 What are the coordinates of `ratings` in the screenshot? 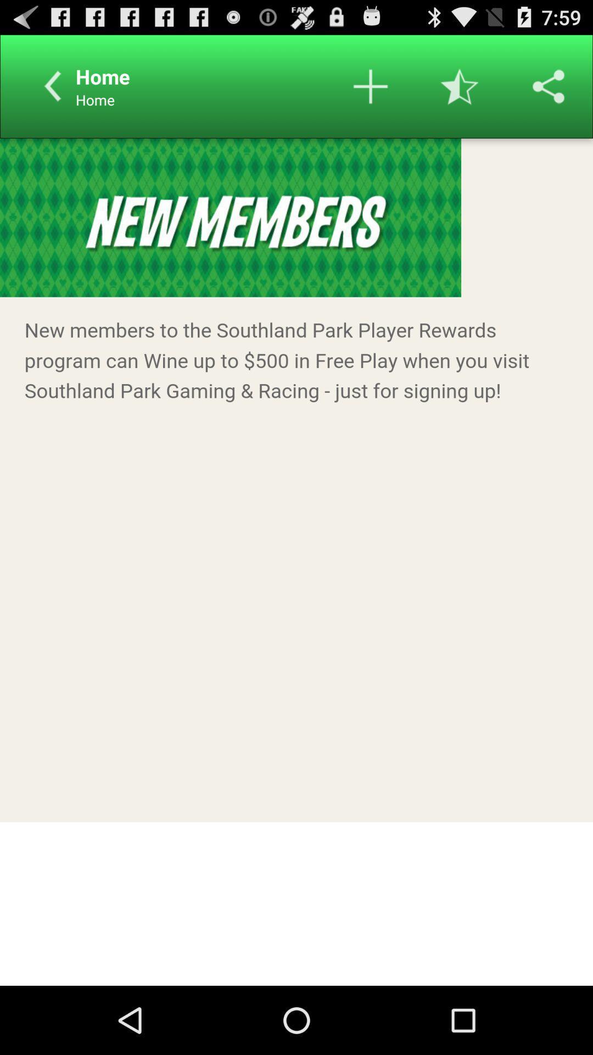 It's located at (460, 86).